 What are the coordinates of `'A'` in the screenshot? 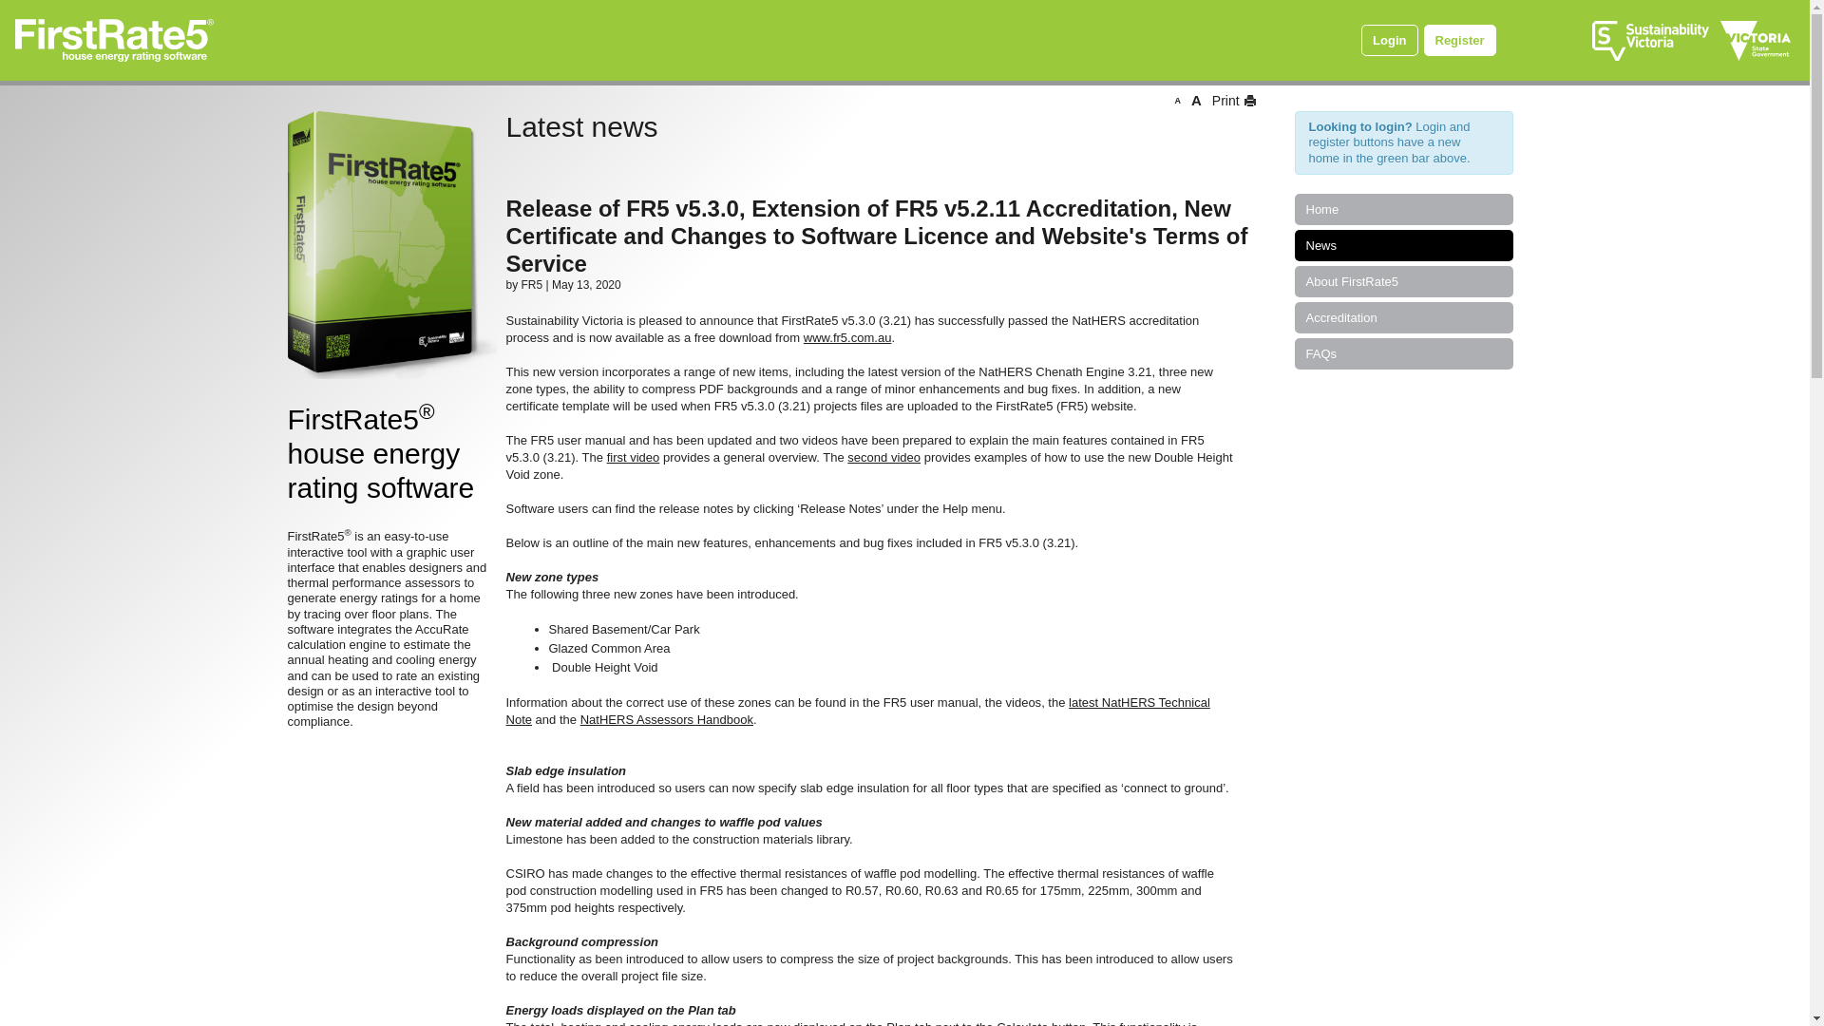 It's located at (1176, 100).